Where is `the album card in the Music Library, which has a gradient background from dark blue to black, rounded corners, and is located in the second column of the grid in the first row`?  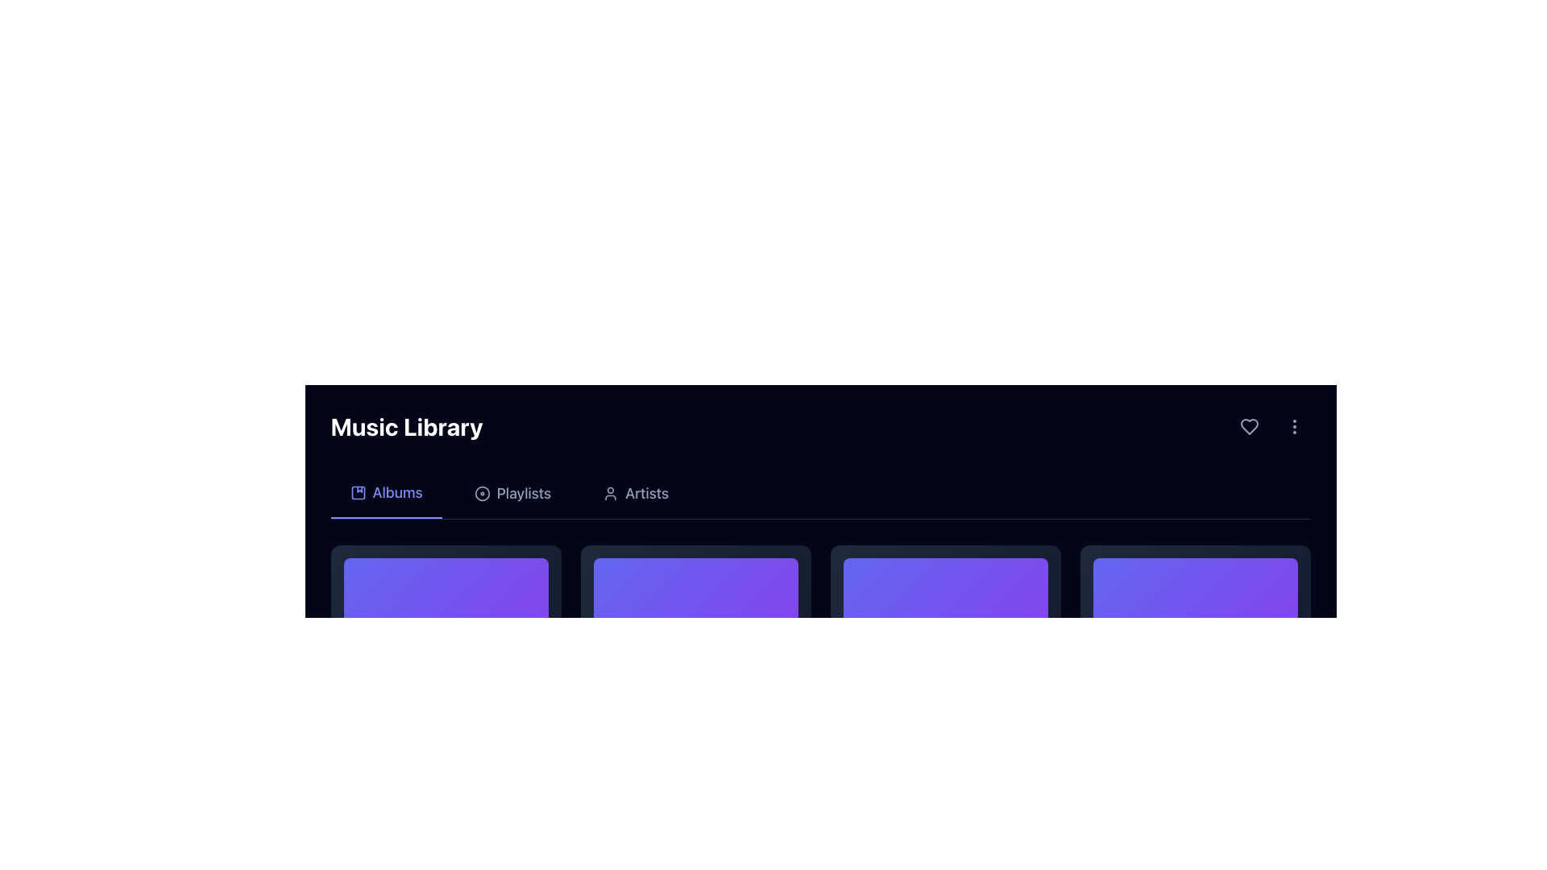
the album card in the Music Library, which has a gradient background from dark blue to black, rounded corners, and is located in the second column of the grid in the first row is located at coordinates (695, 695).